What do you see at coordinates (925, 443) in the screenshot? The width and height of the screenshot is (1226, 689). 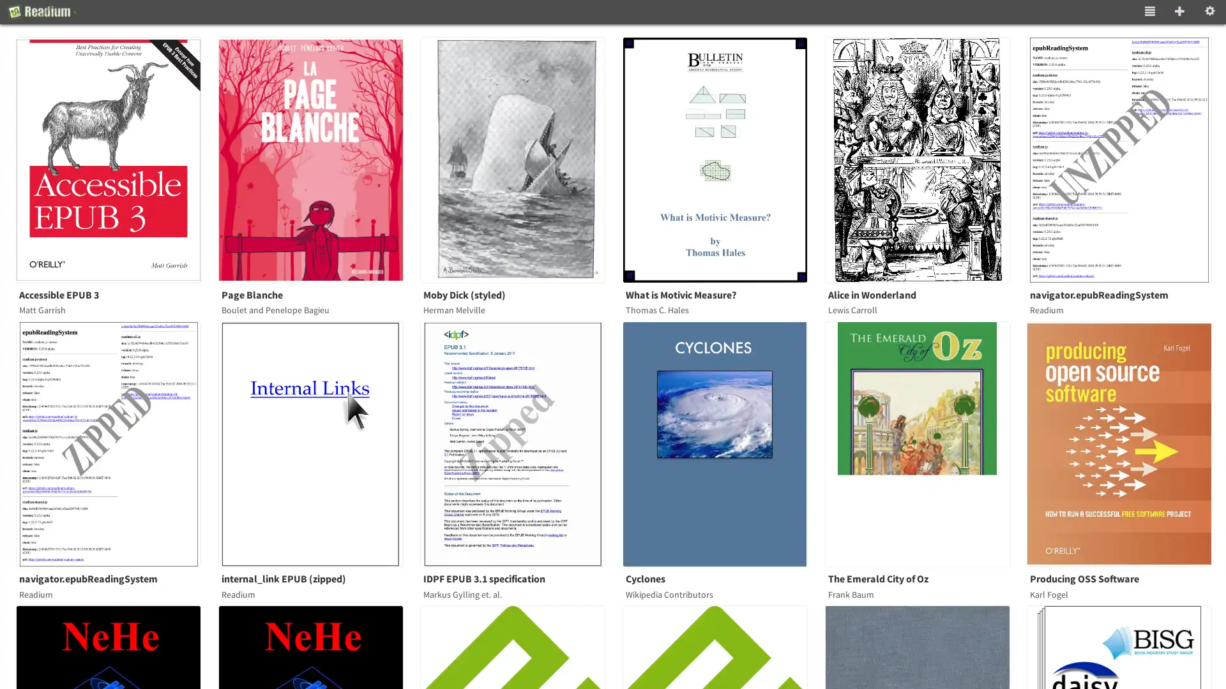 I see `(11) The Emerald City of Oz` at bounding box center [925, 443].